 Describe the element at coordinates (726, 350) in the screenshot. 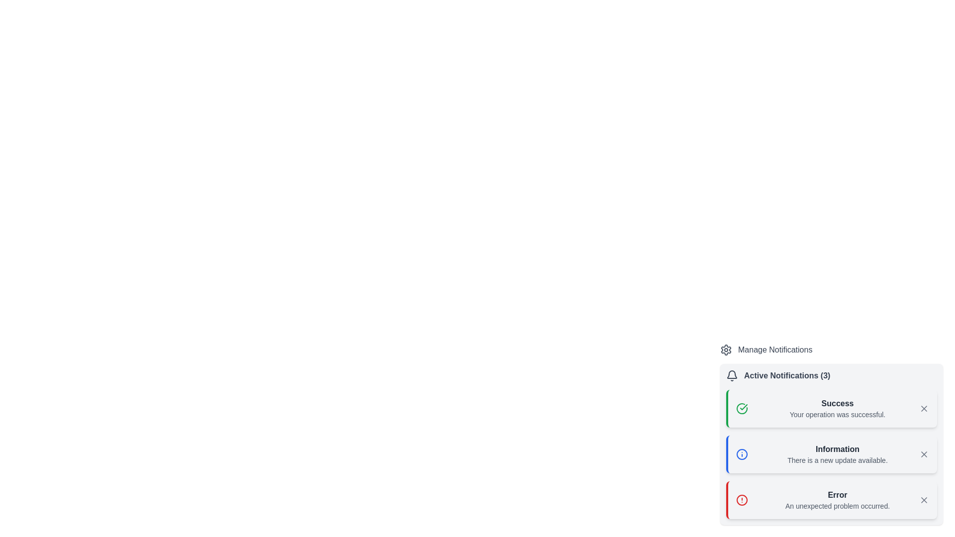

I see `the cogwheel icon, which has a gray outline and indicates settings functionality` at that location.